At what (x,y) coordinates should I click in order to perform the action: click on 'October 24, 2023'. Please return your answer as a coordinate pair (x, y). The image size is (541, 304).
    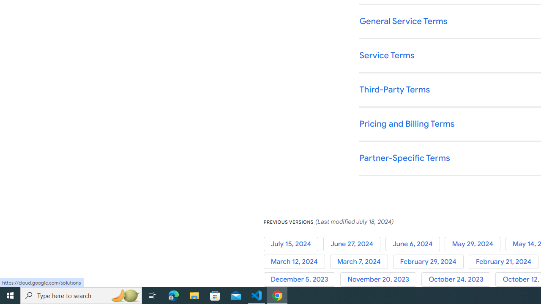
    Looking at the image, I should click on (458, 280).